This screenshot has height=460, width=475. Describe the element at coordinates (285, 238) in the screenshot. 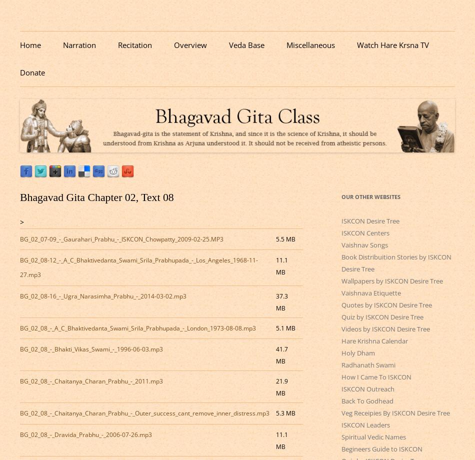

I see `'5.5 MB'` at that location.